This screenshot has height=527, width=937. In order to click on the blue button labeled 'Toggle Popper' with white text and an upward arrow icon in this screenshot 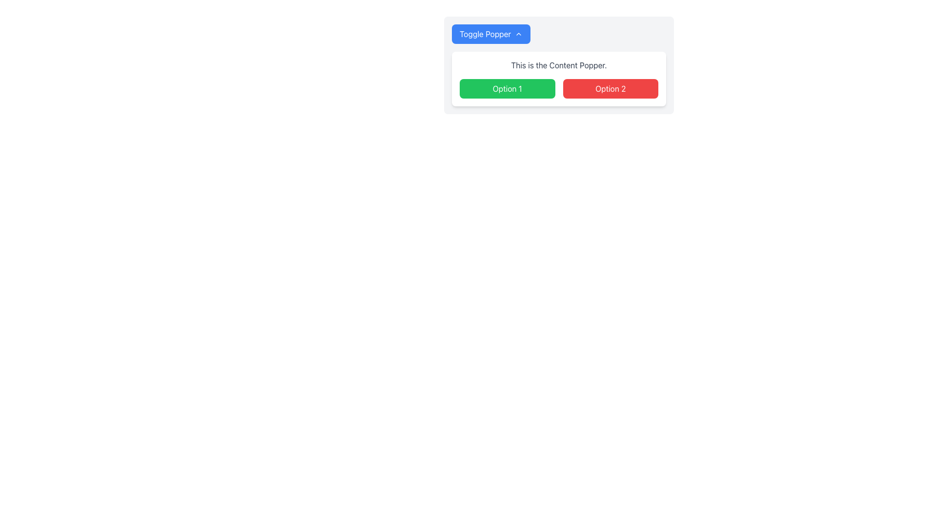, I will do `click(491, 33)`.